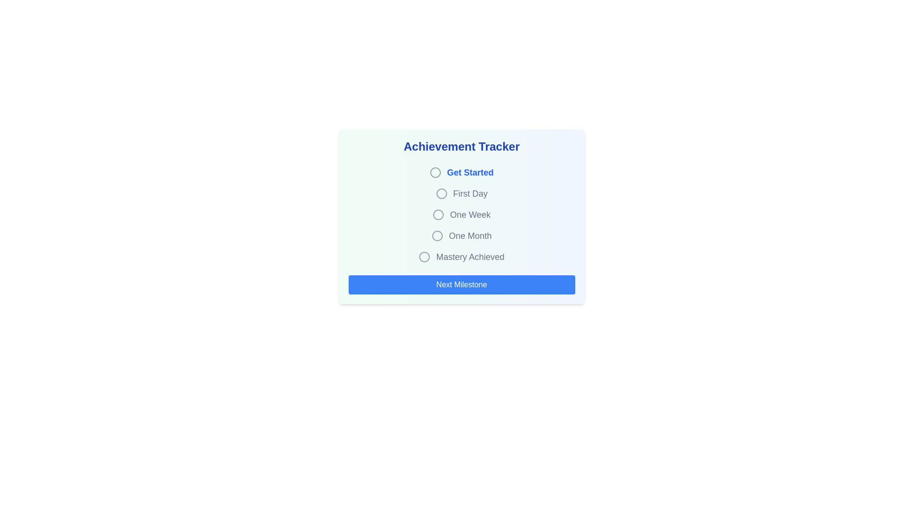 This screenshot has height=518, width=922. I want to click on the 'One Month' radio button under the 'Achievement Tracker' header, so click(437, 236).